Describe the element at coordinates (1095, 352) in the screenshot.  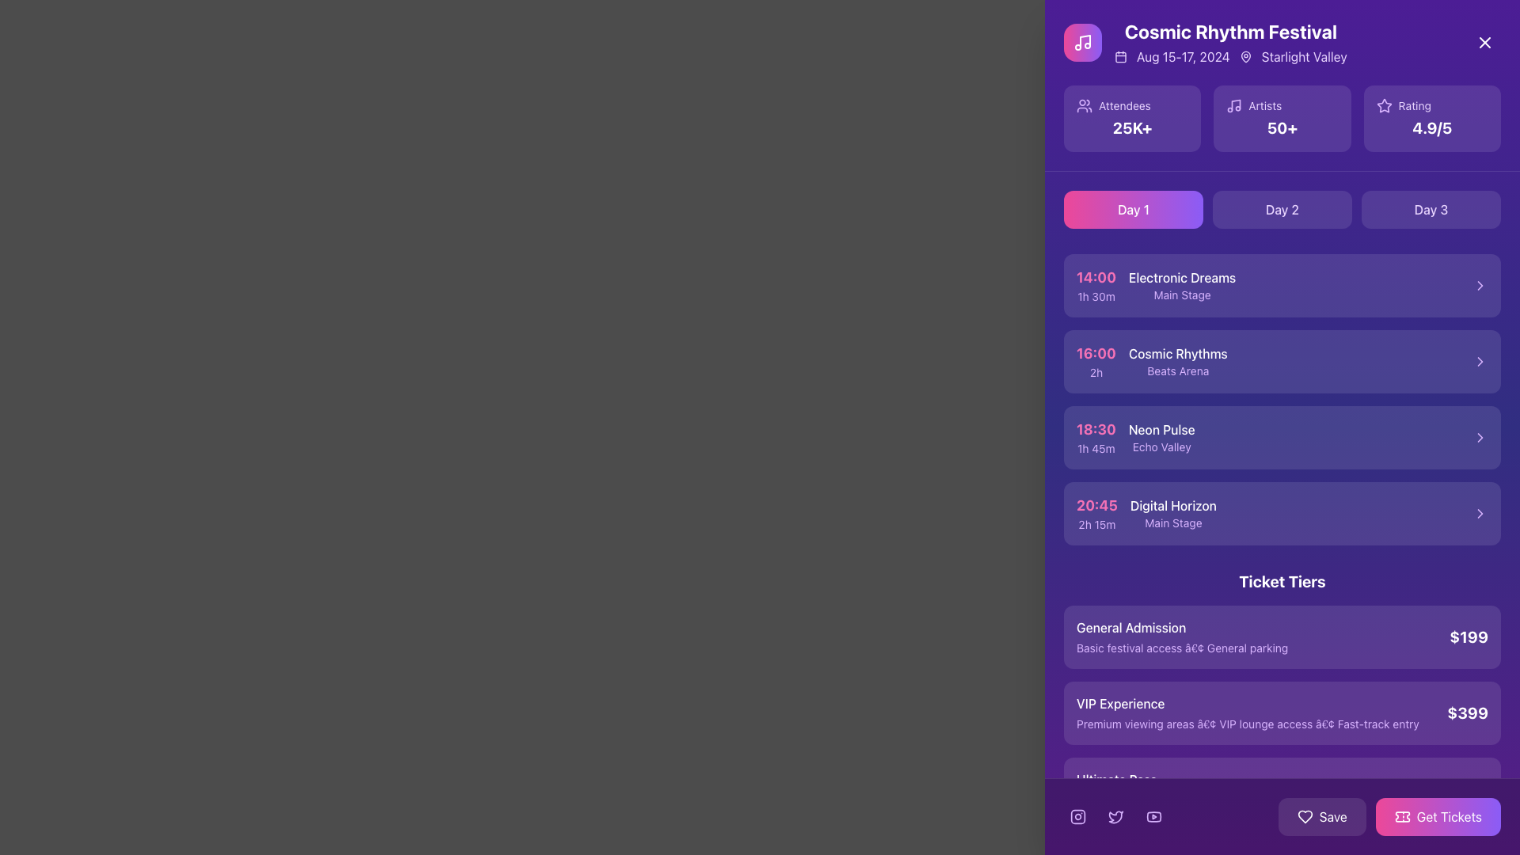
I see `time displayed on the text label indicating the start time of the 'Cosmic Rhythms' performance, which is located in the middle of the event list for the music festival` at that location.